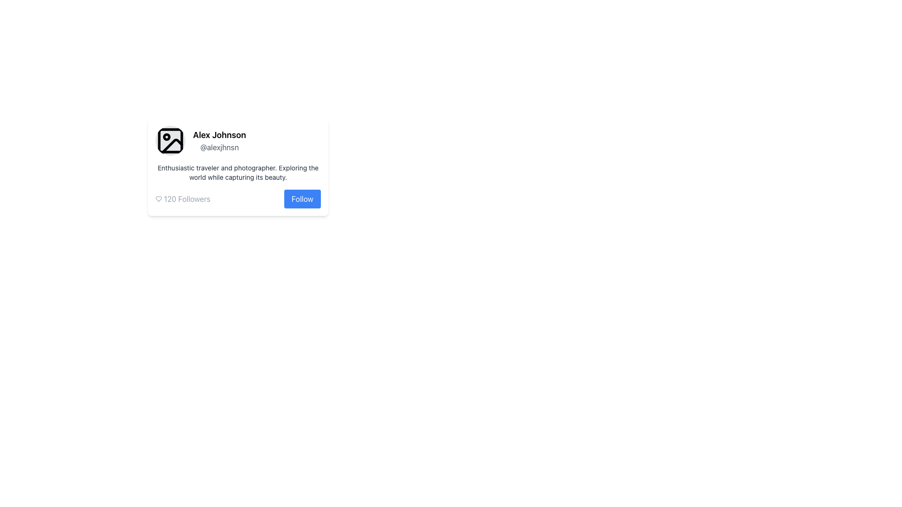 Image resolution: width=902 pixels, height=507 pixels. Describe the element at coordinates (238, 172) in the screenshot. I see `the Text Block element that displays a brief description or biography of the user, located below the header 'Alex Johnson' and above the '120 Followers' section` at that location.